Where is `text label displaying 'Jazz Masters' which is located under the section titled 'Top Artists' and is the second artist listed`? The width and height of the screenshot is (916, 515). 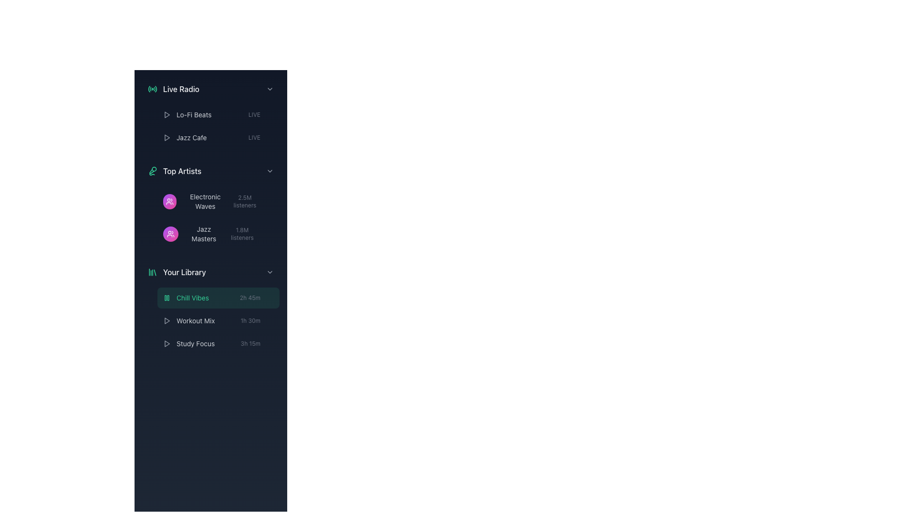 text label displaying 'Jazz Masters' which is located under the section titled 'Top Artists' and is the second artist listed is located at coordinates (203, 234).